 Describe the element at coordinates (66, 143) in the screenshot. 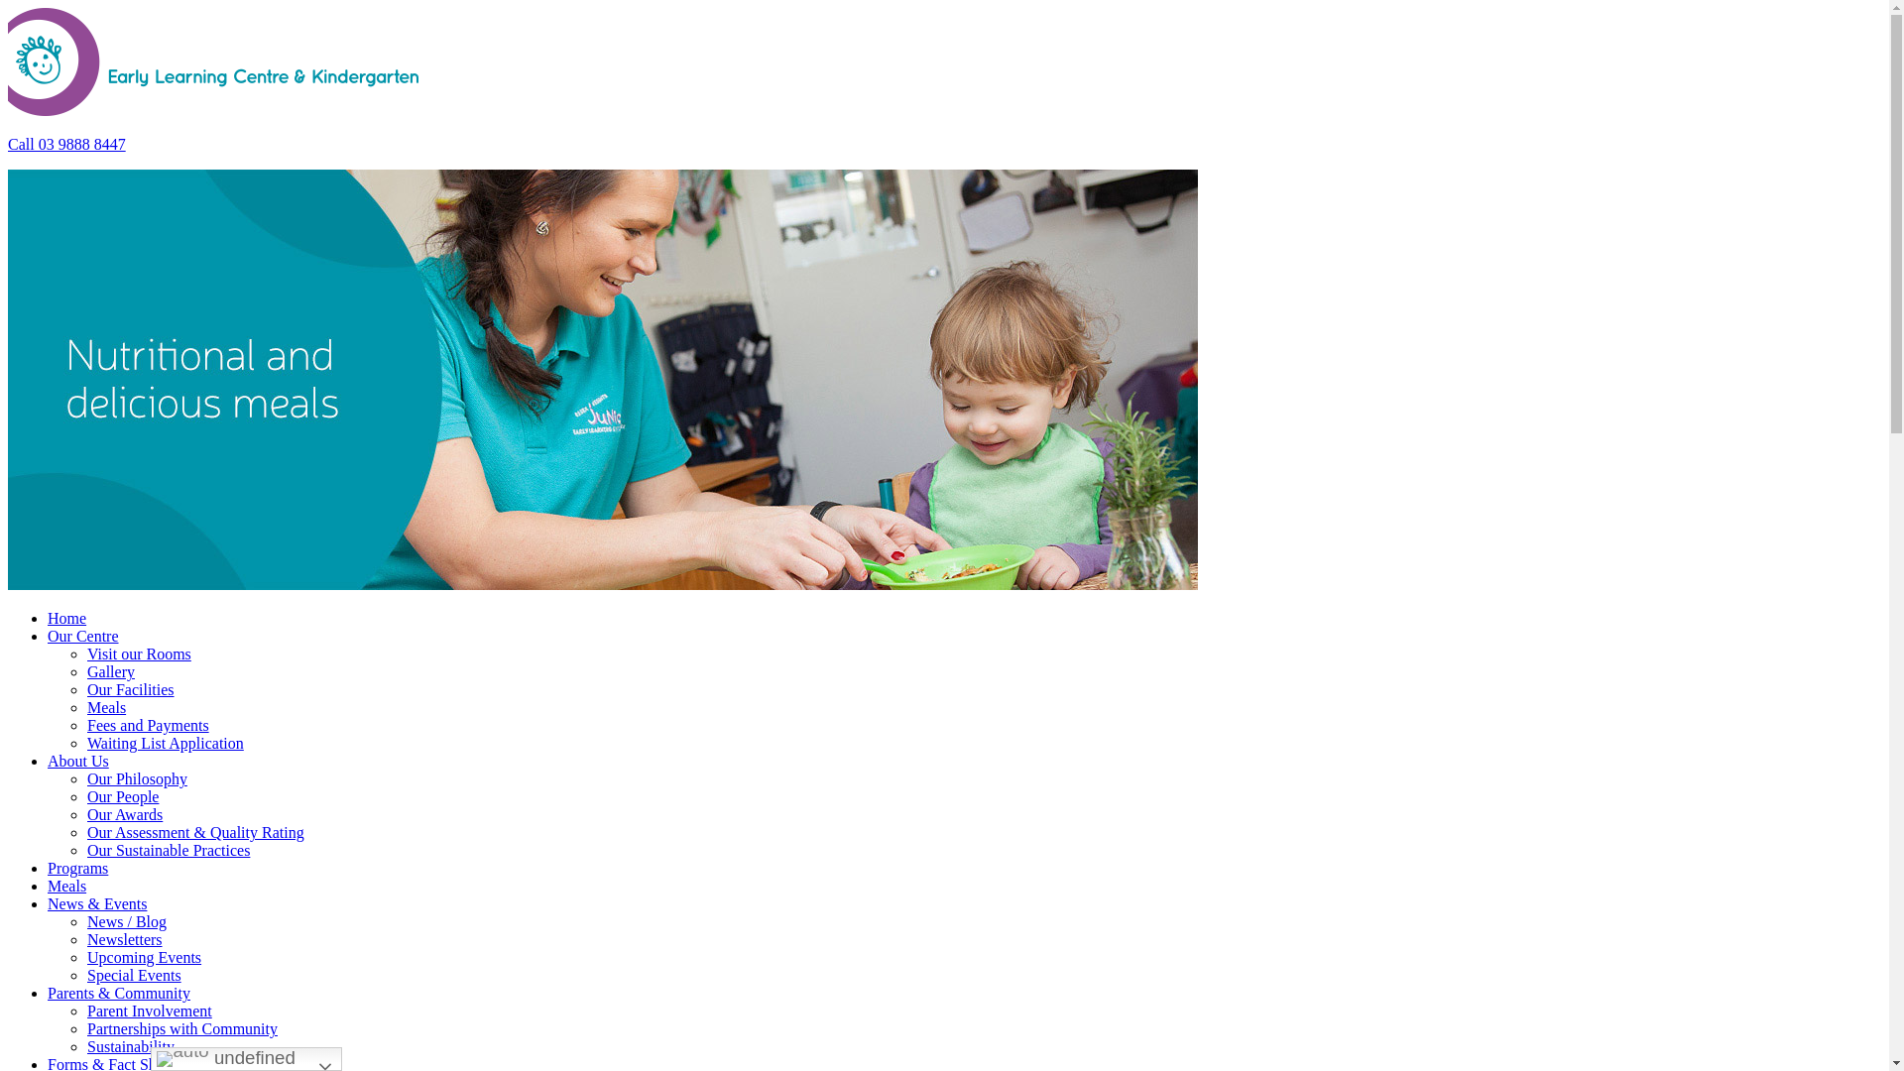

I see `'Call 03 9888 8447'` at that location.